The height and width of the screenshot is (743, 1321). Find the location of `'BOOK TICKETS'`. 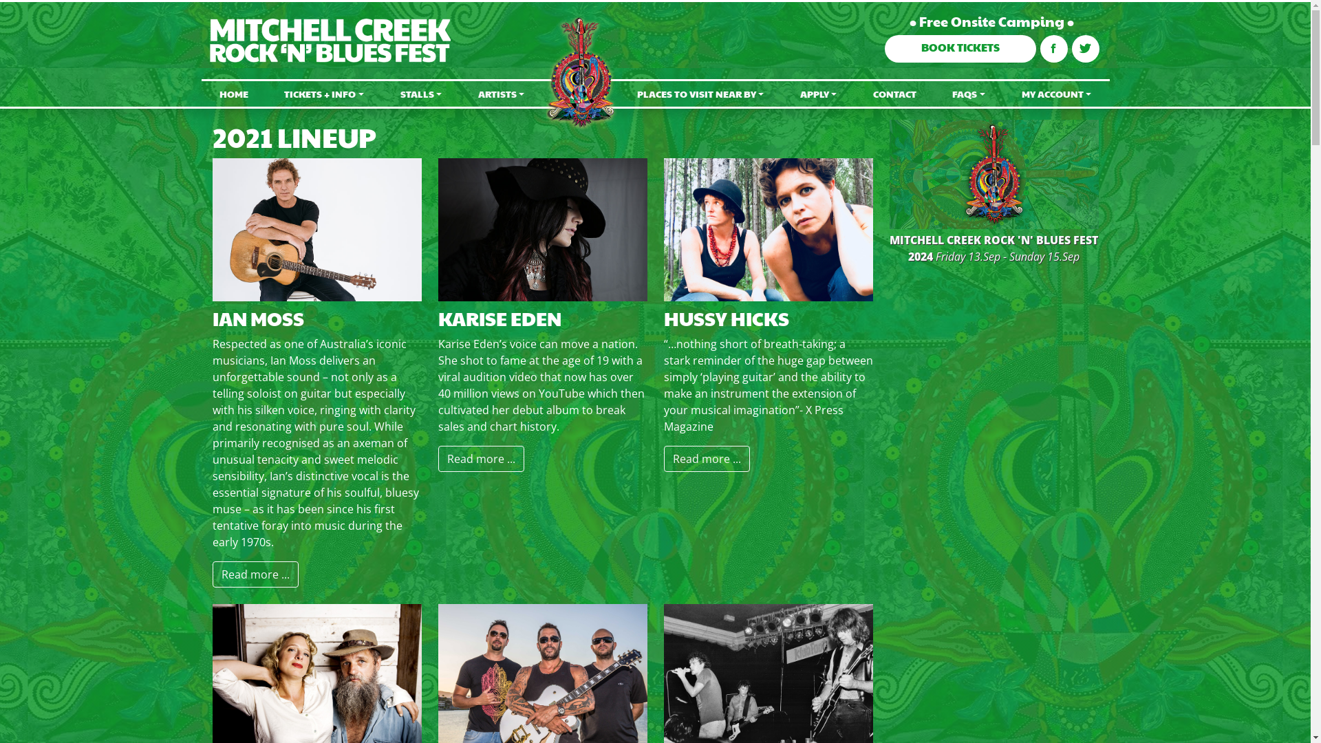

'BOOK TICKETS' is located at coordinates (960, 47).